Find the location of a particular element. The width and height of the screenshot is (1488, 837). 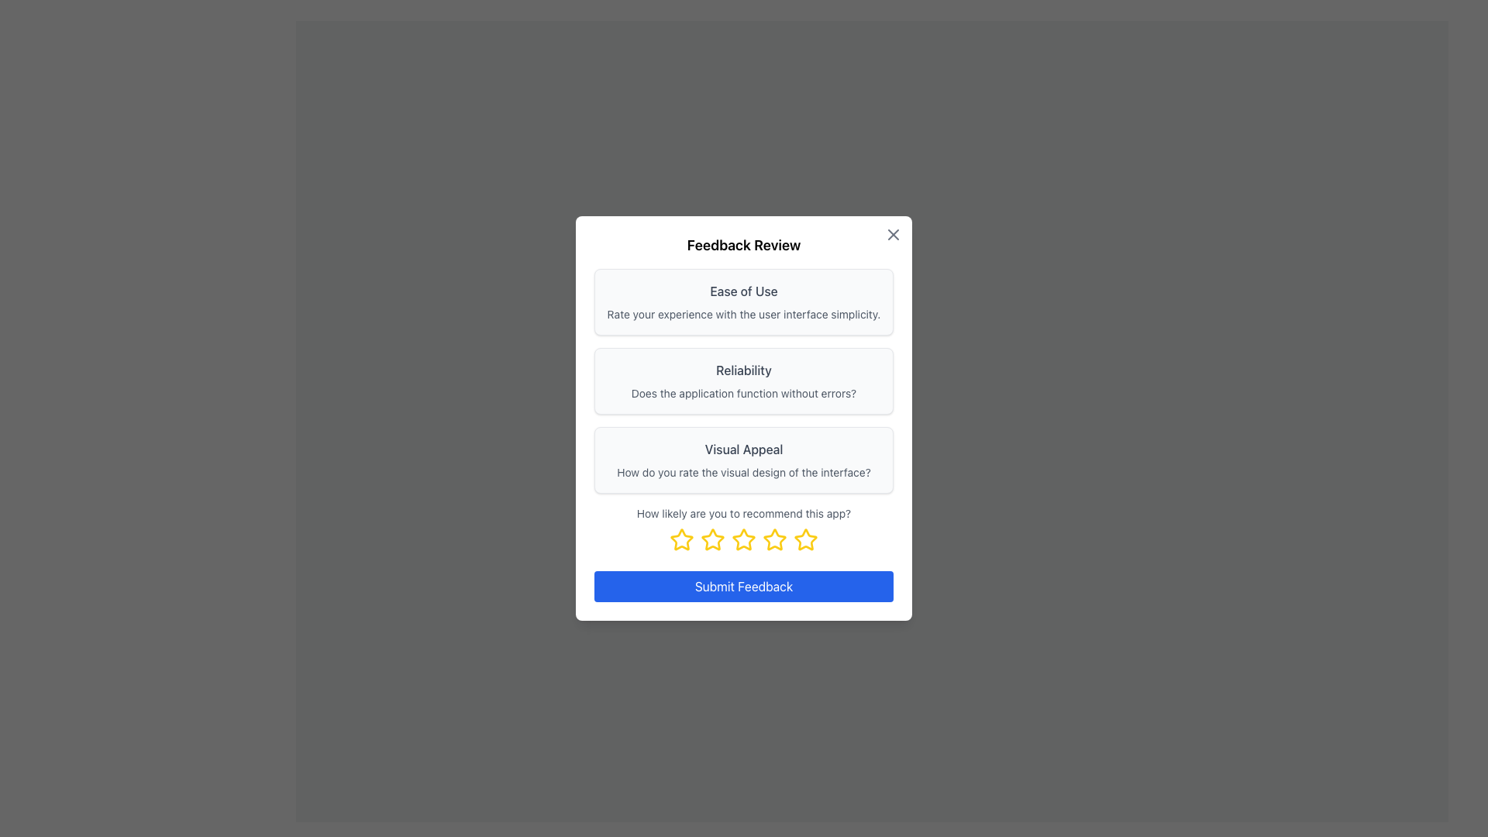

descriptive text label located beneath the 'Ease of Use' section heading in the modal feedback dialog is located at coordinates (744, 314).